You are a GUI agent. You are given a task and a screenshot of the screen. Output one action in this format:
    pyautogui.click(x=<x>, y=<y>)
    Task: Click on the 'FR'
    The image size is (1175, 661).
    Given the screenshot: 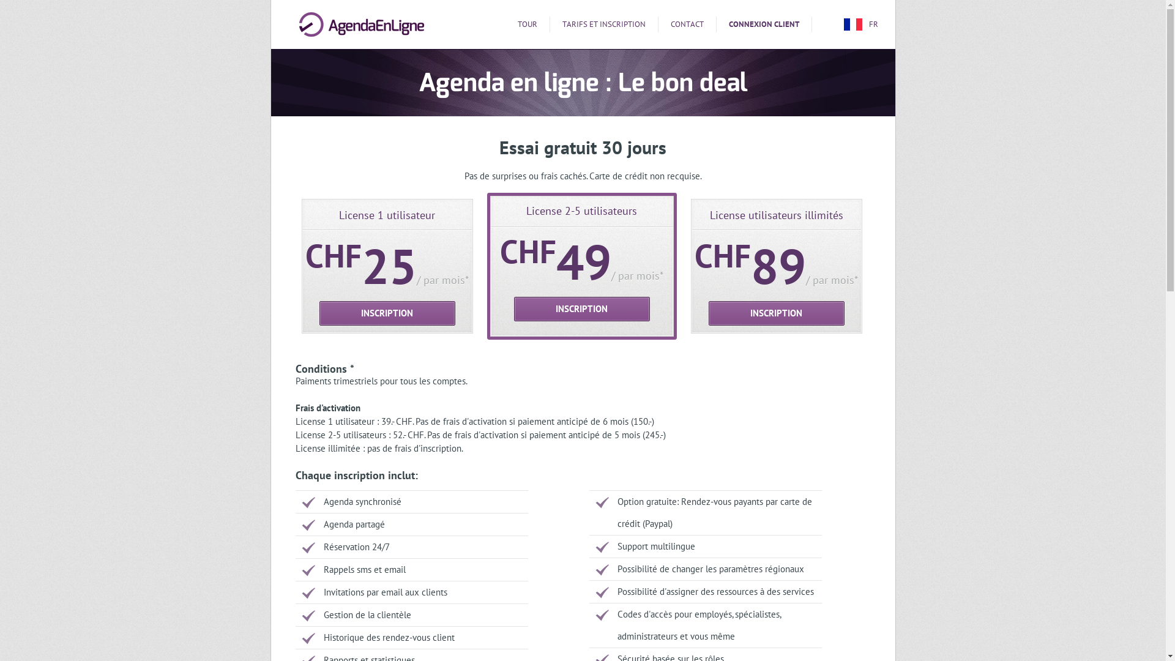 What is the action you would take?
    pyautogui.click(x=842, y=24)
    